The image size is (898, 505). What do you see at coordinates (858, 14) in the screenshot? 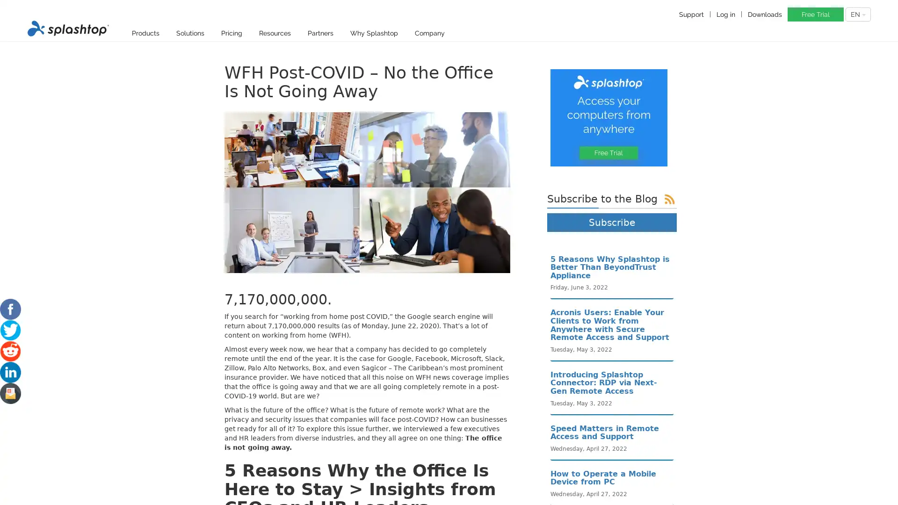
I see `EN` at bounding box center [858, 14].